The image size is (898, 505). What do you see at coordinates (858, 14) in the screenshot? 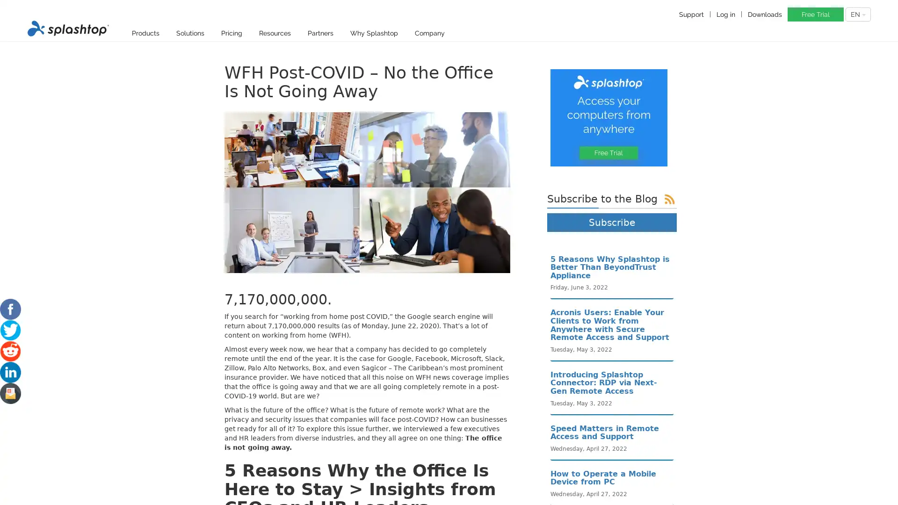
I see `EN` at bounding box center [858, 14].